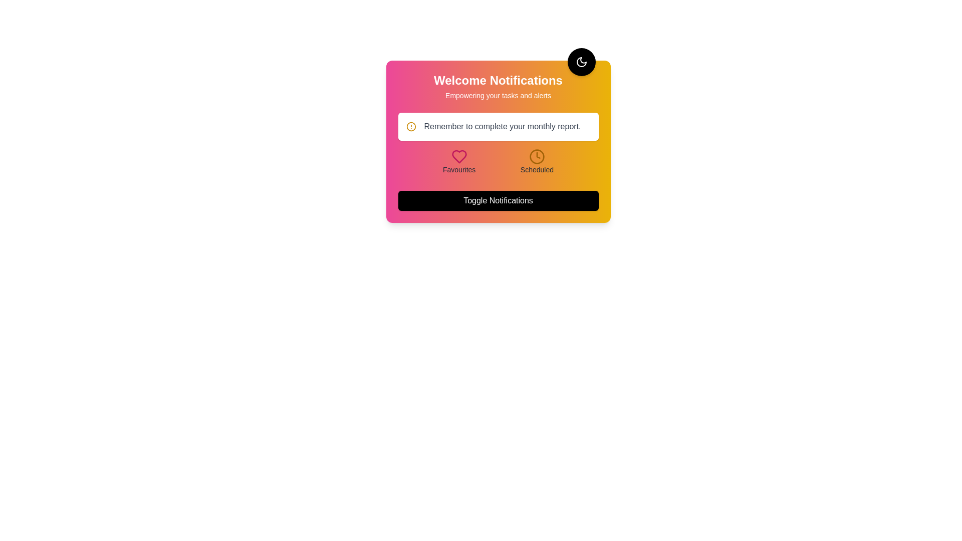 Image resolution: width=962 pixels, height=541 pixels. Describe the element at coordinates (536, 161) in the screenshot. I see `the 'Scheduled' button that features a yellow clock icon above gray text, located under 'Welcome Notifications' and to the right of 'Favourites'` at that location.